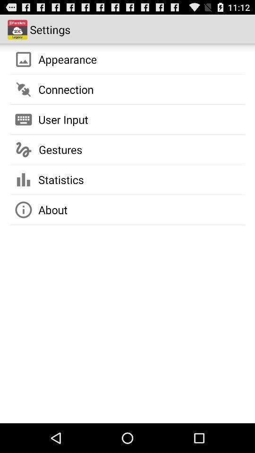 The width and height of the screenshot is (255, 453). Describe the element at coordinates (65, 89) in the screenshot. I see `connection icon` at that location.